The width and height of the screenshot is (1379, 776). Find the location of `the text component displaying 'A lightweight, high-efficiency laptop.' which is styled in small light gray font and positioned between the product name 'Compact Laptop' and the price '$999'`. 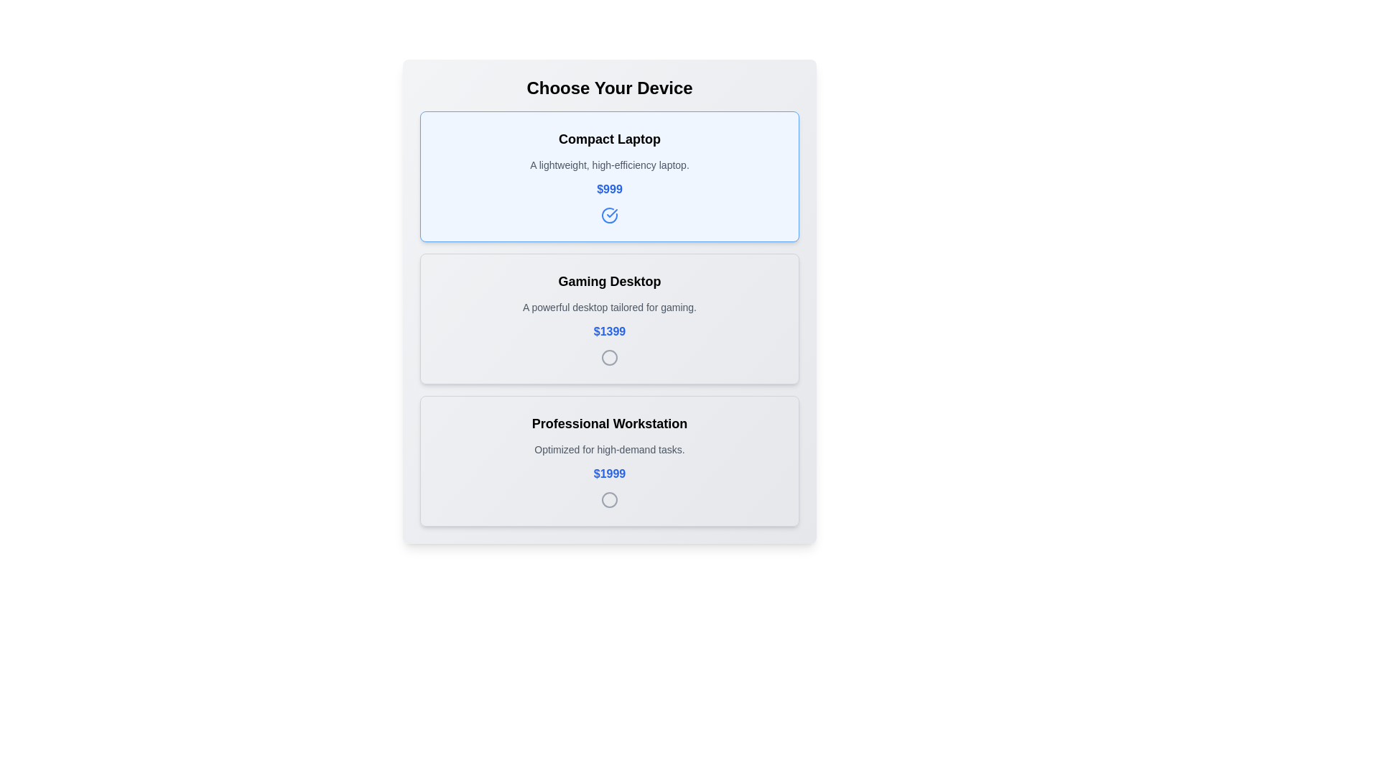

the text component displaying 'A lightweight, high-efficiency laptop.' which is styled in small light gray font and positioned between the product name 'Compact Laptop' and the price '$999' is located at coordinates (610, 165).